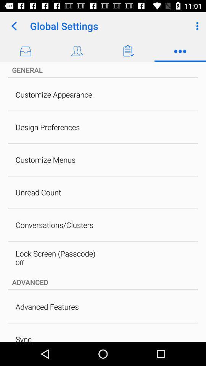 The height and width of the screenshot is (366, 206). What do you see at coordinates (53, 94) in the screenshot?
I see `customize appearance` at bounding box center [53, 94].